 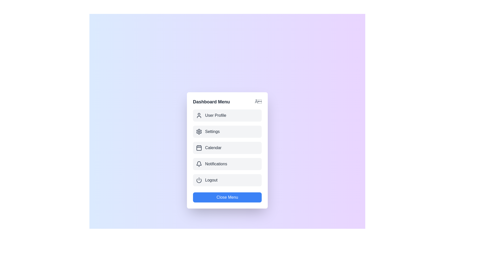 What do you see at coordinates (227, 197) in the screenshot?
I see `'Close Menu' button to close the menu` at bounding box center [227, 197].